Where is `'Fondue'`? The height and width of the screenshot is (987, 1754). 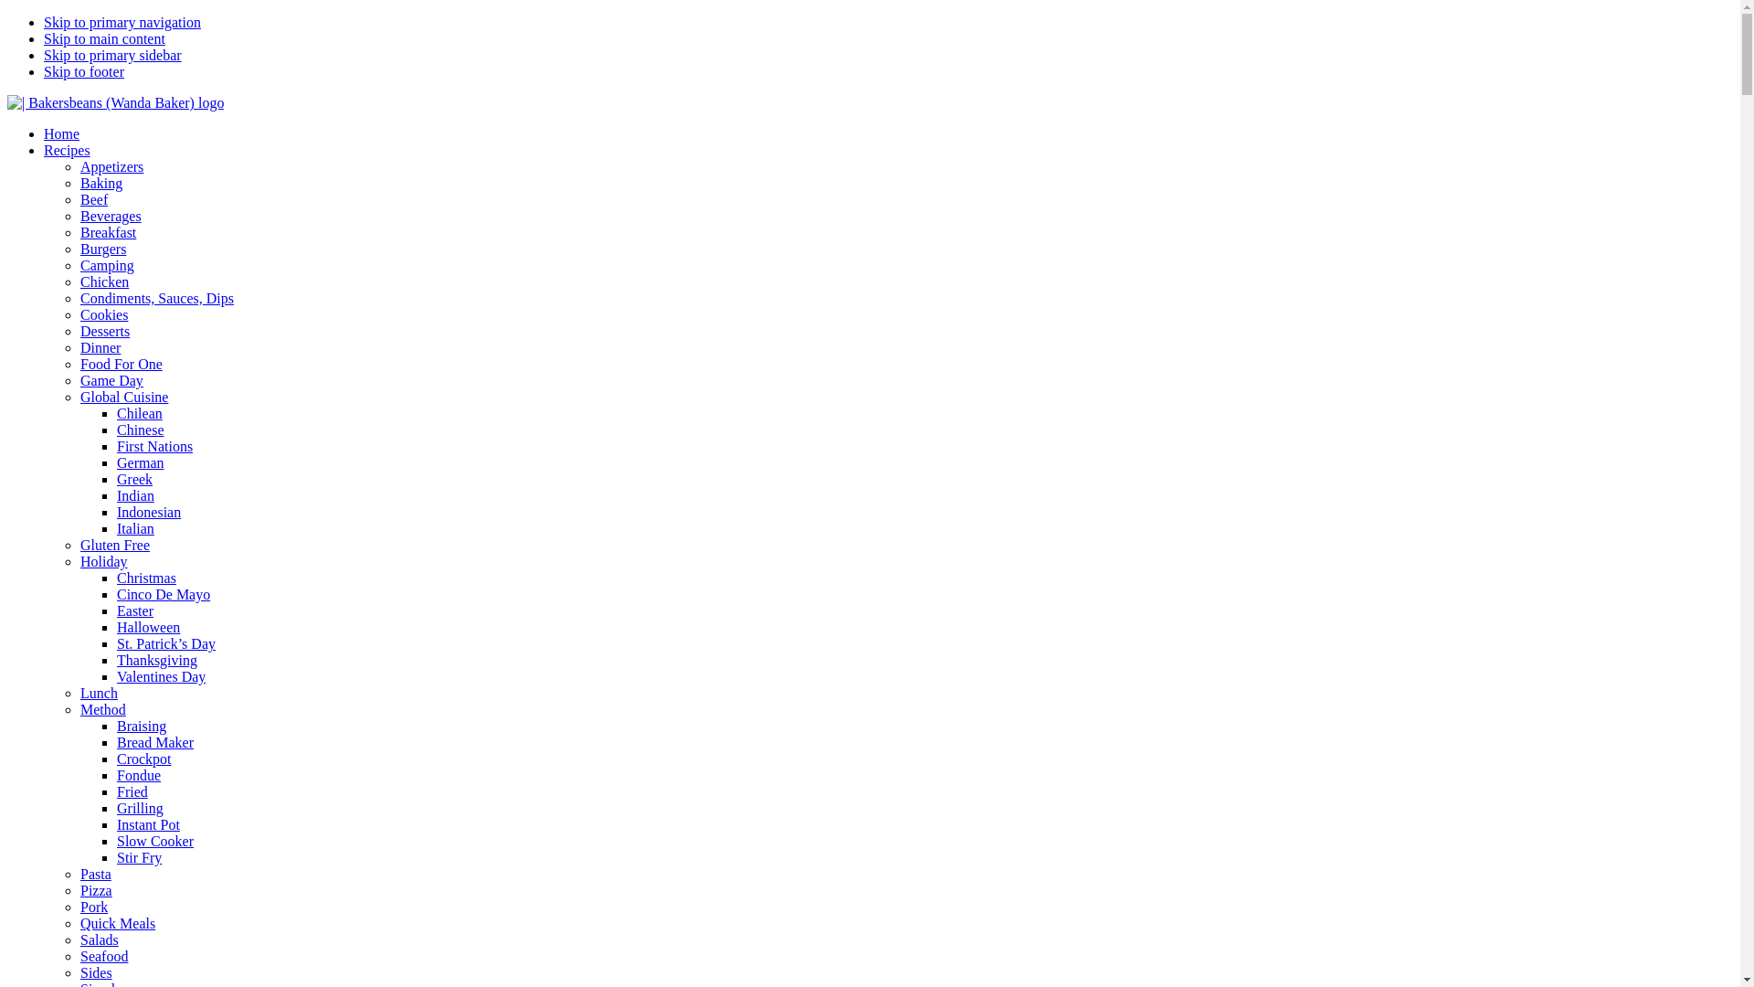 'Fondue' is located at coordinates (138, 775).